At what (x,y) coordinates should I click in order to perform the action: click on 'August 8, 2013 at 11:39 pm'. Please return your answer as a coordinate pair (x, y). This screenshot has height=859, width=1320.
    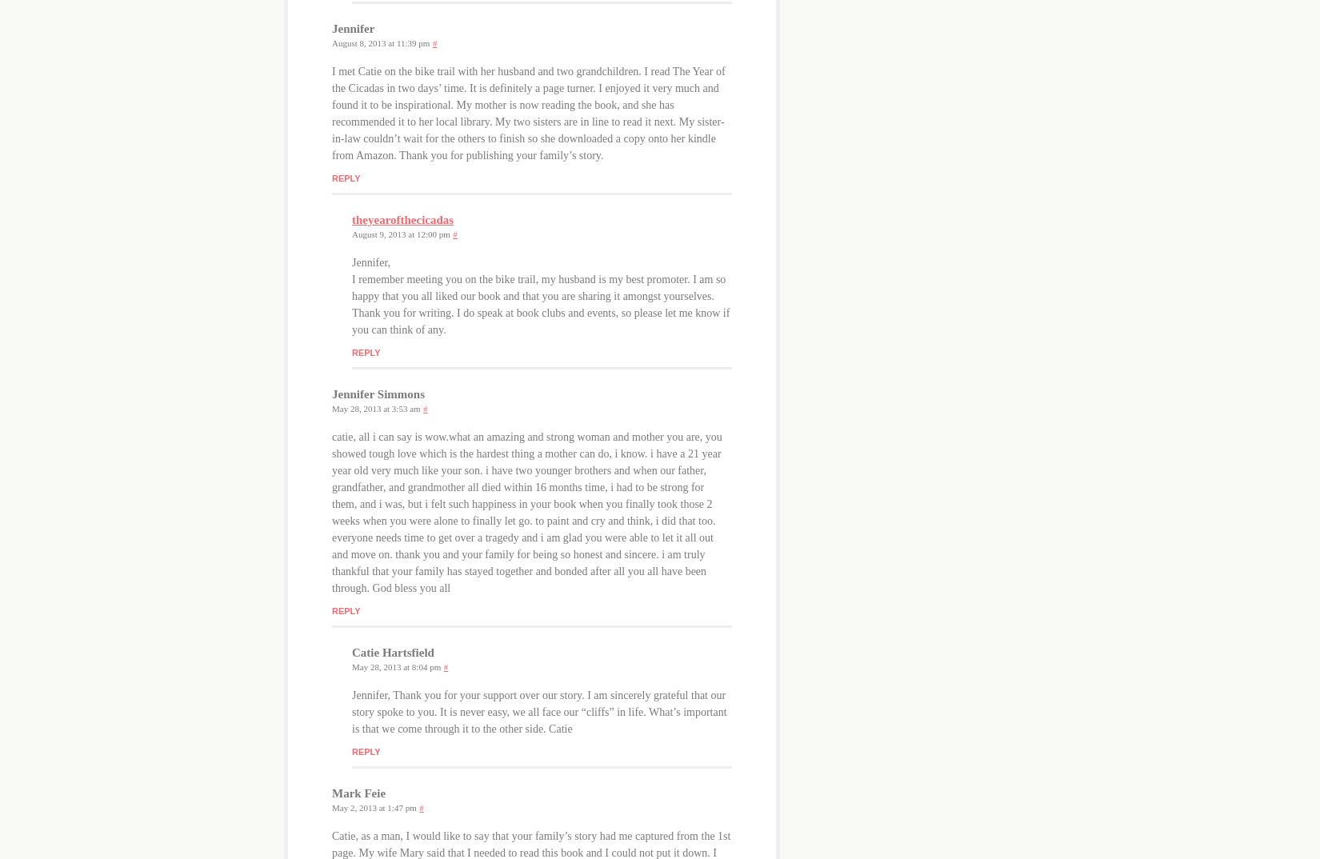
    Looking at the image, I should click on (330, 41).